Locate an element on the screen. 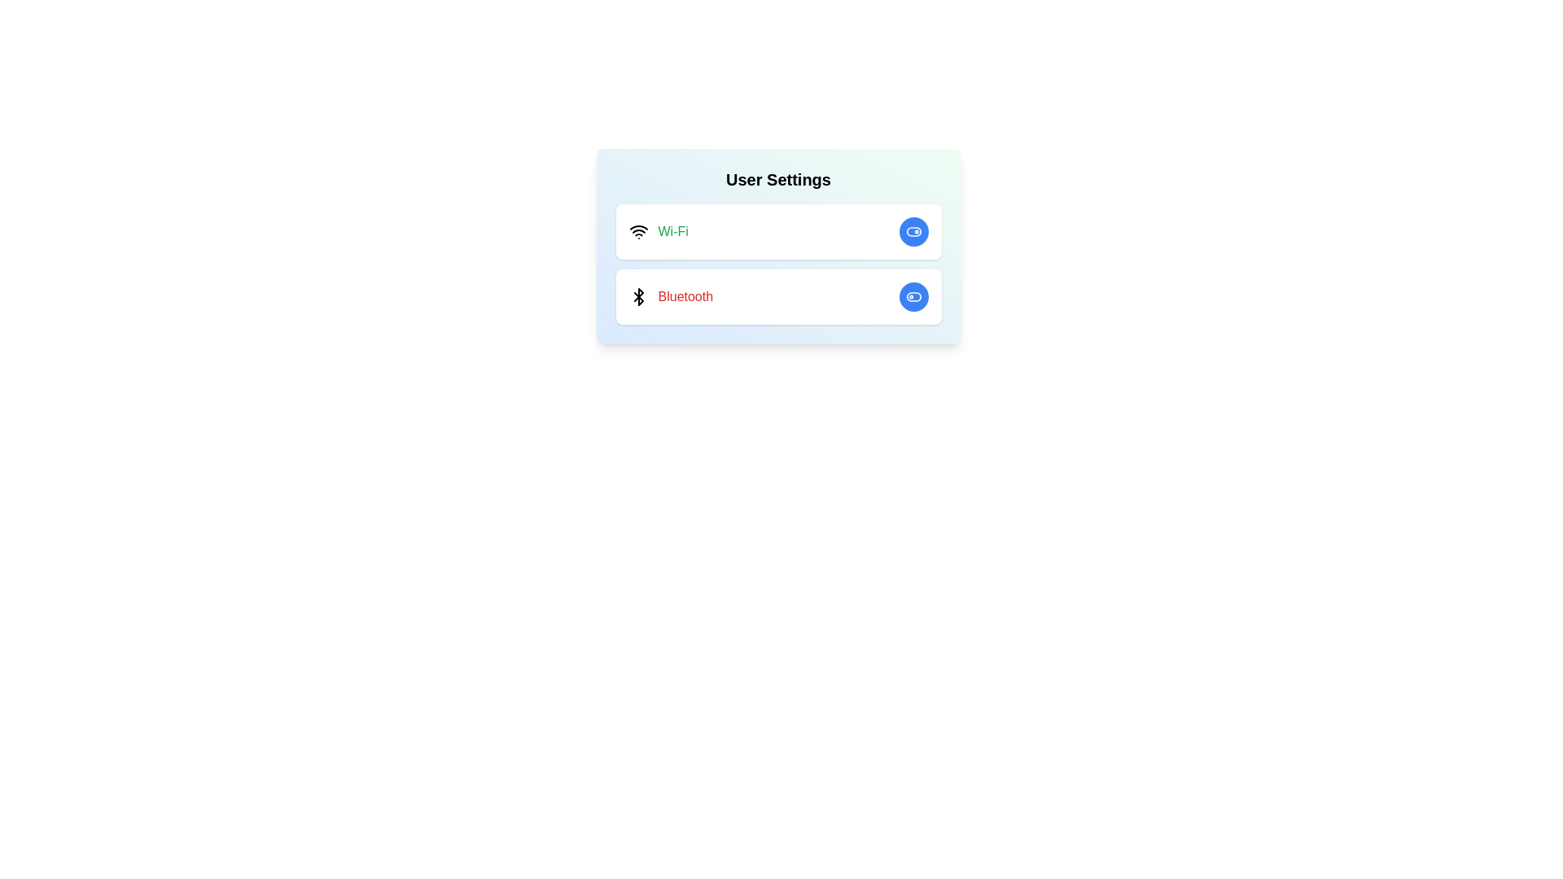  the toggle button for the Wi-Fi setting to change its state is located at coordinates (913, 232).